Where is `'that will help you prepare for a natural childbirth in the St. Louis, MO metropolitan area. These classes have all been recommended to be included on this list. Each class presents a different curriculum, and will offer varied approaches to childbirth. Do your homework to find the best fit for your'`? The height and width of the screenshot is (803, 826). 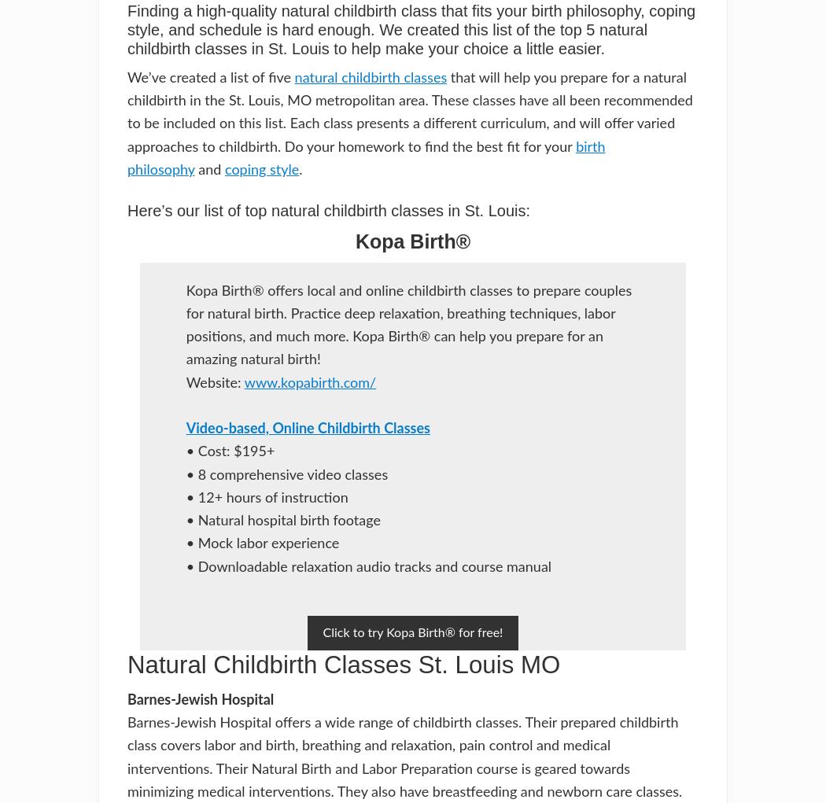
'that will help you prepare for a natural childbirth in the St. Louis, MO metropolitan area. These classes have all been recommended to be included on this list. Each class presents a different curriculum, and will offer varied approaches to childbirth. Do your homework to find the best fit for your' is located at coordinates (127, 112).